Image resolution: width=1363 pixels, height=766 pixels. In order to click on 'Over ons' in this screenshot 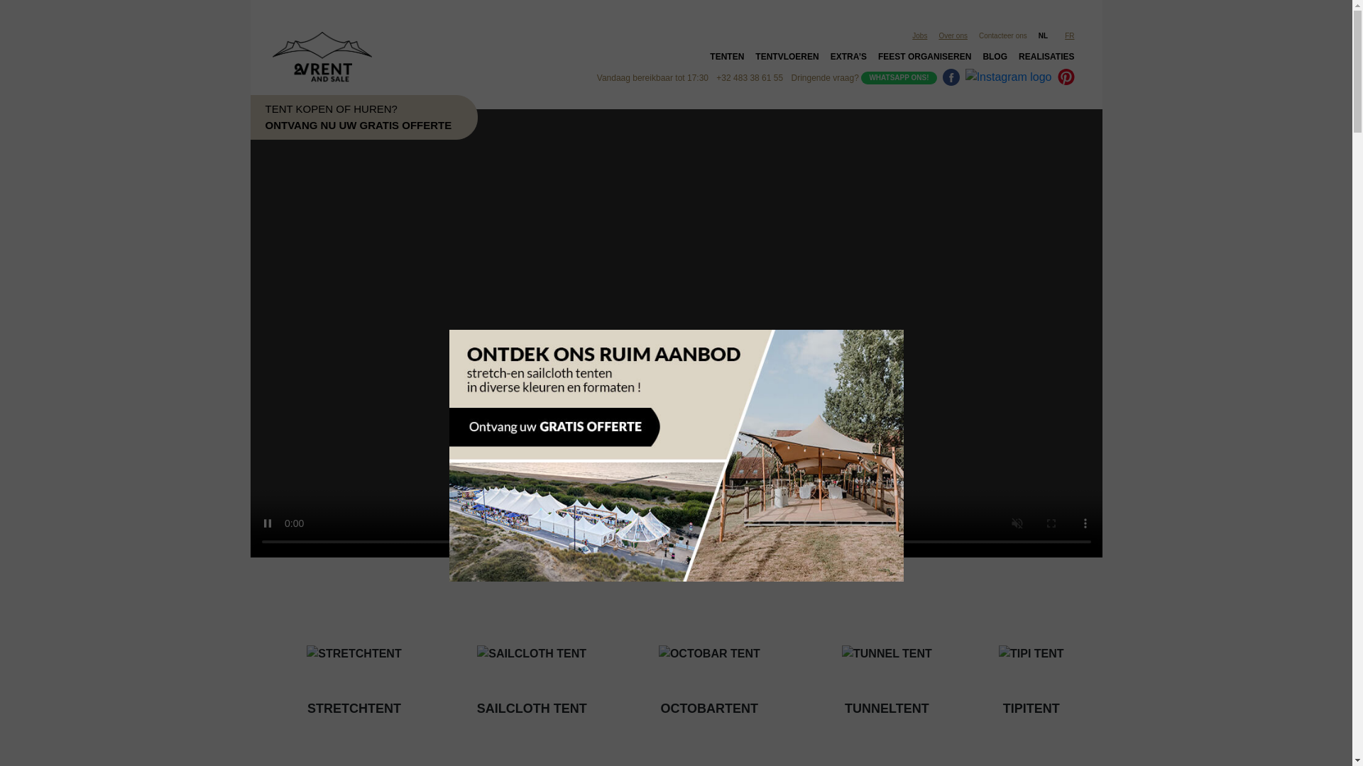, I will do `click(953, 35)`.